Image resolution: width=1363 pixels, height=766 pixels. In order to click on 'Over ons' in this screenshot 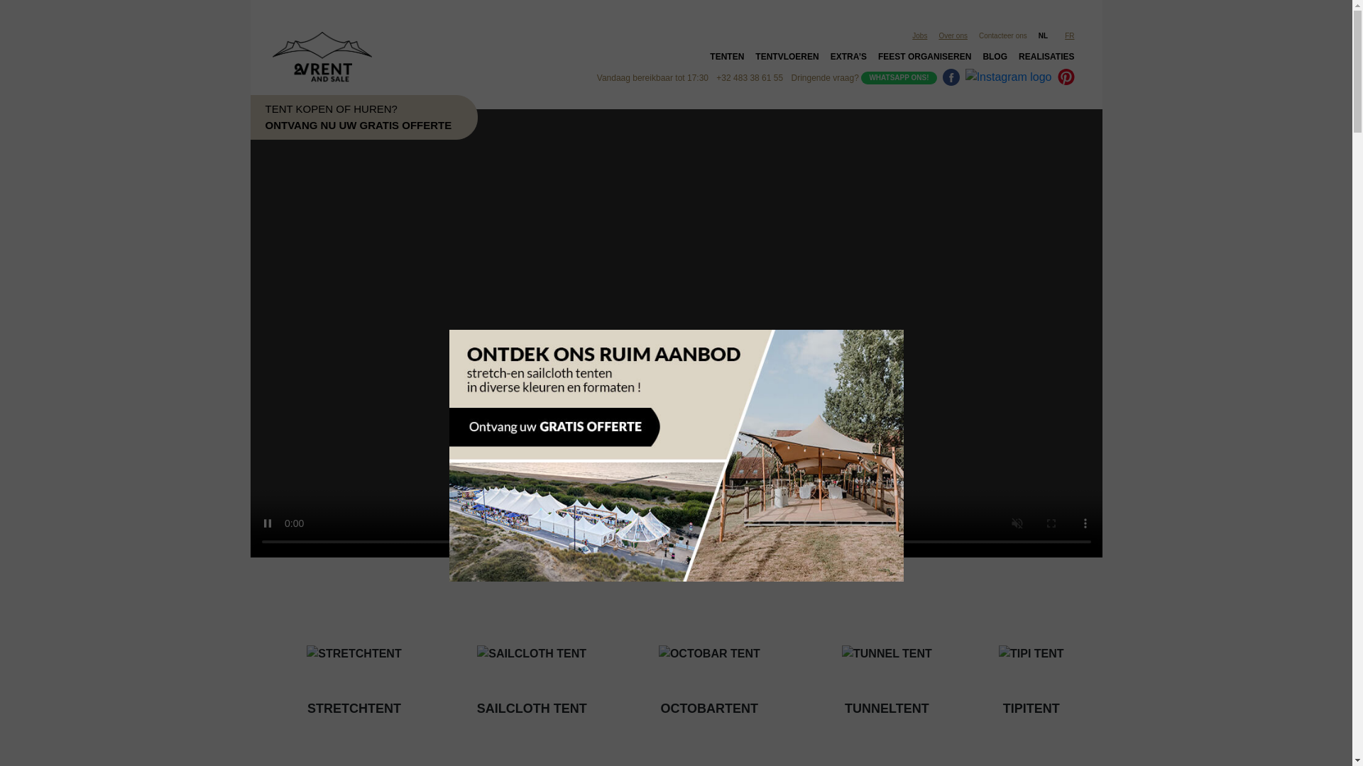, I will do `click(953, 35)`.